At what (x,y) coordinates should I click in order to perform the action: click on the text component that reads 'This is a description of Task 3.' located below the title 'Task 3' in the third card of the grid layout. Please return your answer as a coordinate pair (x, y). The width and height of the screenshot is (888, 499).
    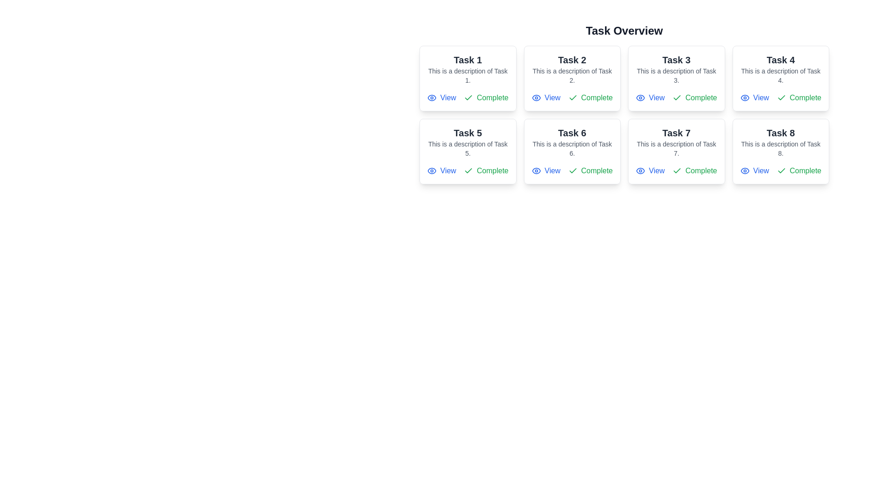
    Looking at the image, I should click on (676, 75).